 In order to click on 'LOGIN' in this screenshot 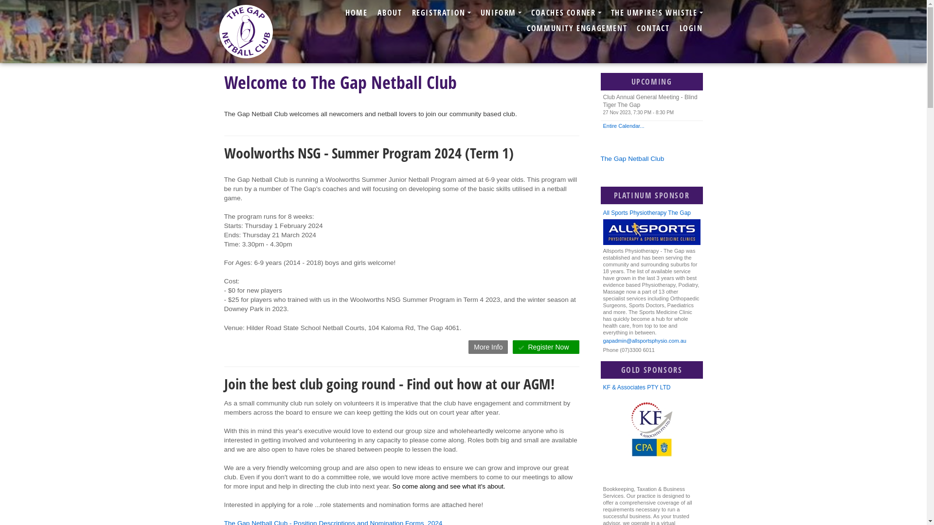, I will do `click(674, 27)`.